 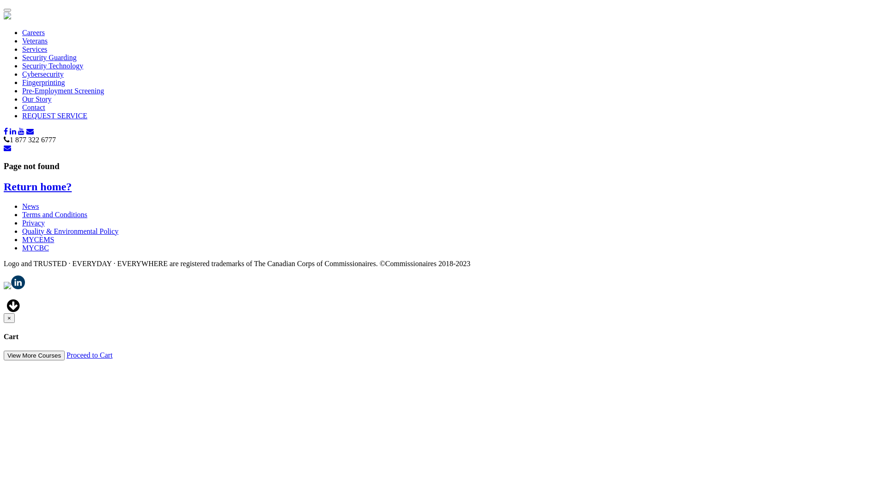 I want to click on 'Our Story', so click(x=37, y=99).